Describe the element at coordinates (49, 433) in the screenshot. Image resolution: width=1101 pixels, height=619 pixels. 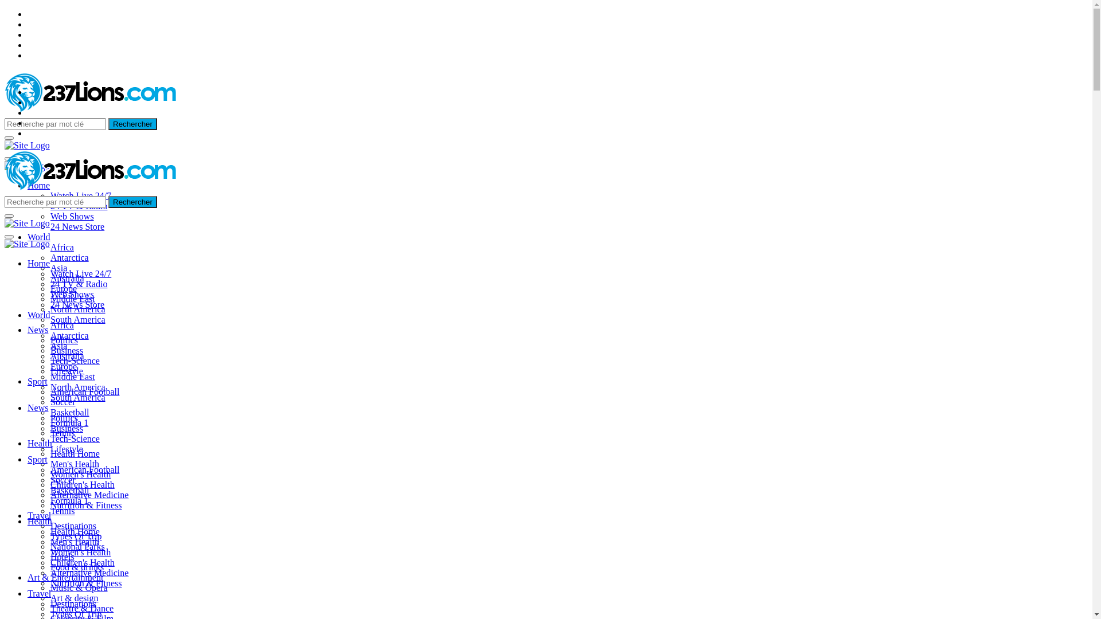
I see `'Tennis'` at that location.